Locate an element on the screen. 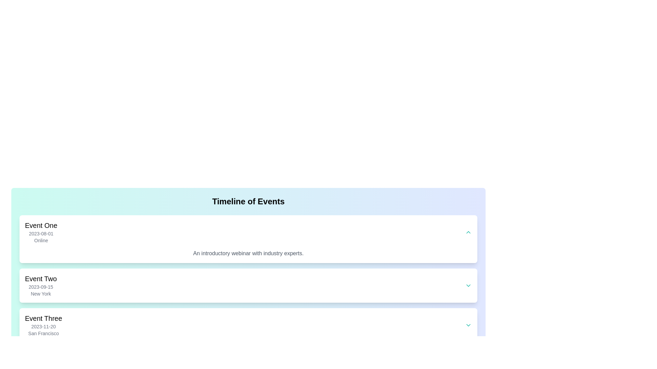 This screenshot has width=657, height=369. the text label displaying '2023-11-20', which is styled in gray and positioned below 'Event Three' and above 'San Francisco' is located at coordinates (43, 326).